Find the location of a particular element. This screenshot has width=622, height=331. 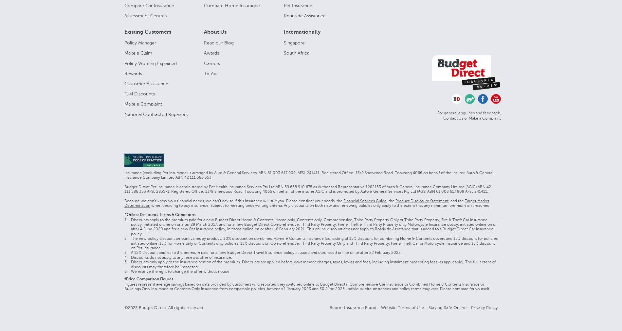

'Figures represent average savings based on data provided by customers who reported they switched online to Budget Direct's, Comprehensive Car Insurance or Combined Home & Contents Insurance or Buildings Only Insurance or Contents Only Insurance from comparable policies, between 1 January 2023 and 30 June 2023. Individual circumstances and policy terms may vary. Please compare for yourself.' is located at coordinates (307, 286).